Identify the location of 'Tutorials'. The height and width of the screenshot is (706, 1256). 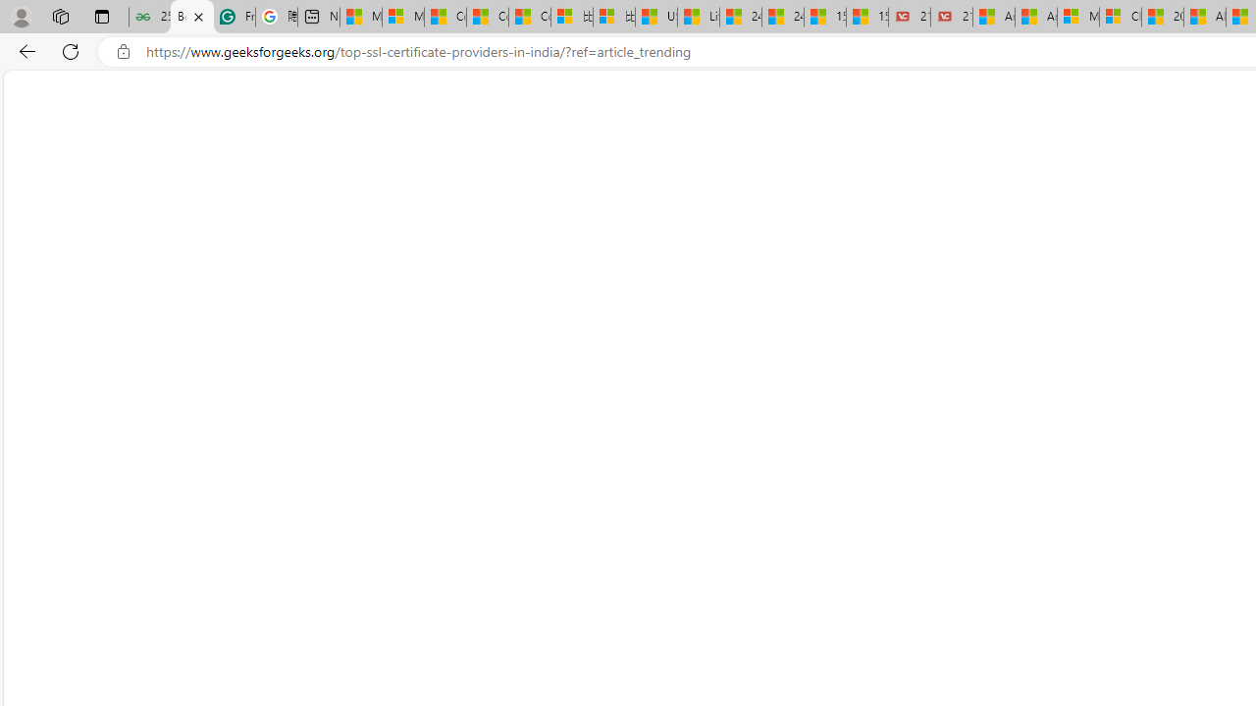
(66, 94).